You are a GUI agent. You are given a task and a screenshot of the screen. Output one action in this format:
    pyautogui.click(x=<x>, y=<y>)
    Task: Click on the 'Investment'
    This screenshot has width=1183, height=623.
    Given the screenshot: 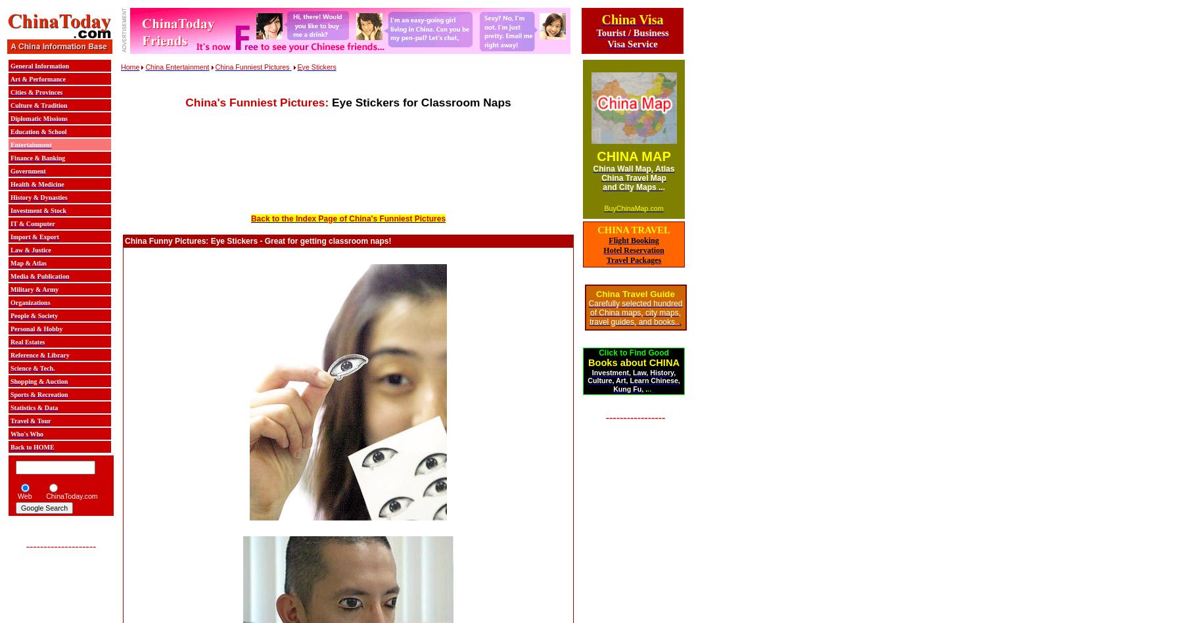 What is the action you would take?
    pyautogui.click(x=609, y=372)
    